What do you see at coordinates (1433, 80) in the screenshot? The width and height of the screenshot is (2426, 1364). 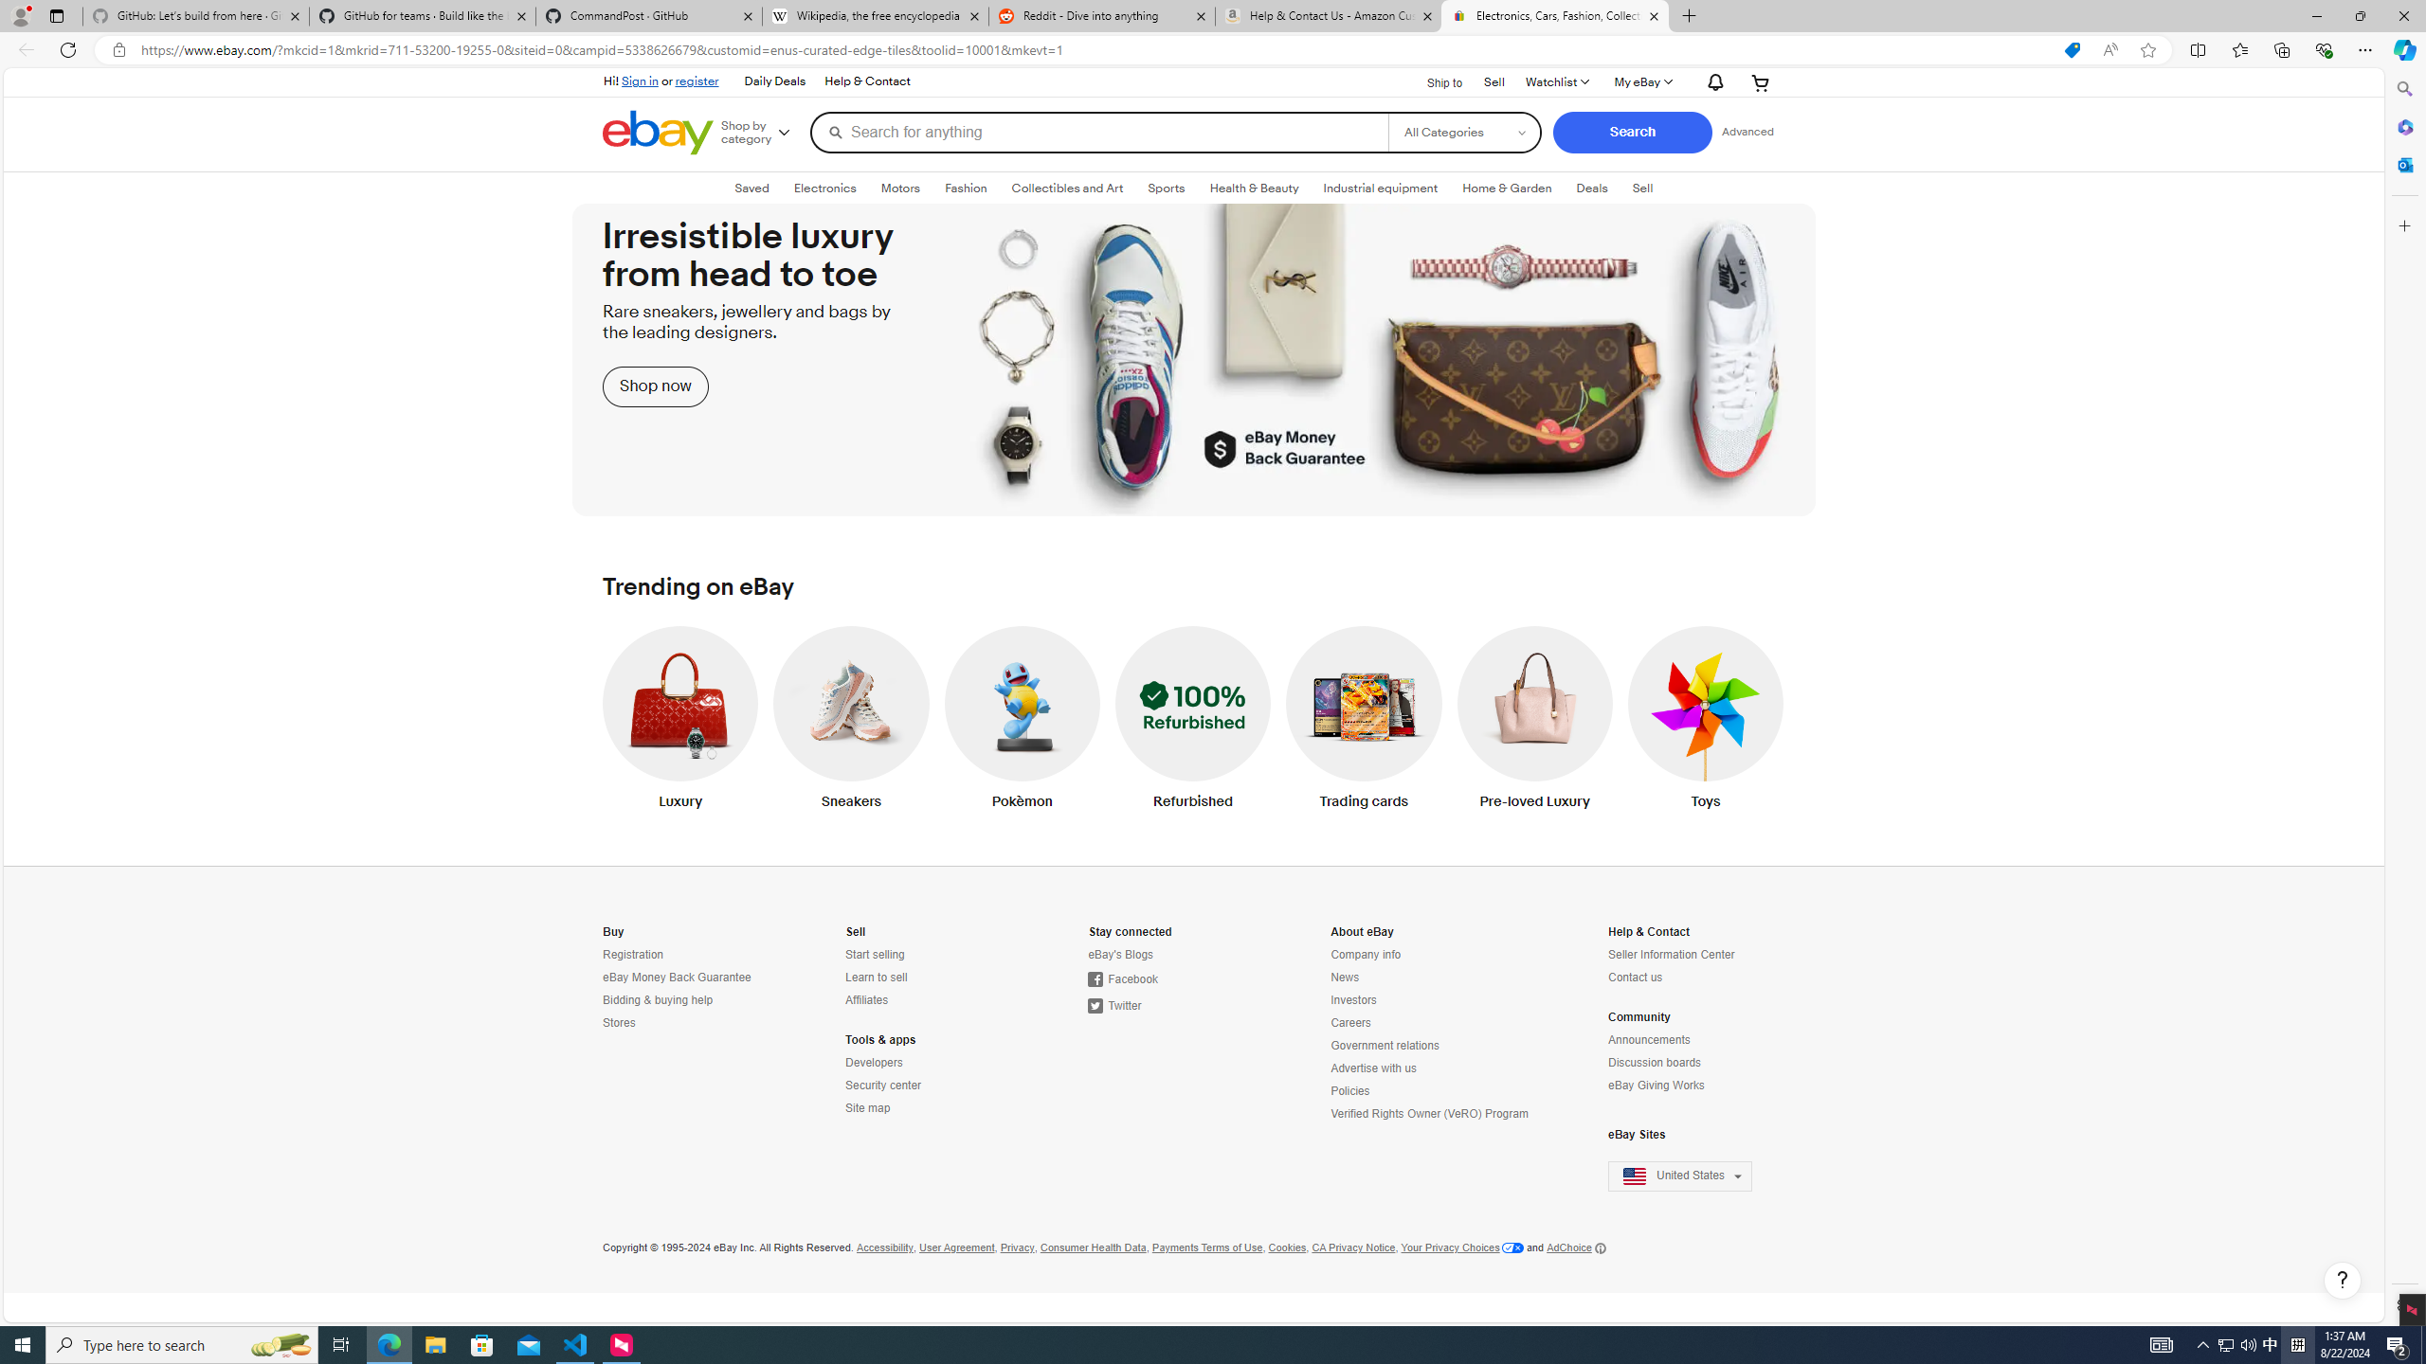 I see `'Ship to'` at bounding box center [1433, 80].